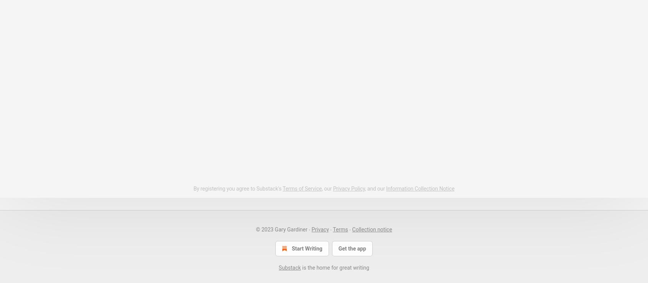  What do you see at coordinates (372, 228) in the screenshot?
I see `'Collection notice'` at bounding box center [372, 228].